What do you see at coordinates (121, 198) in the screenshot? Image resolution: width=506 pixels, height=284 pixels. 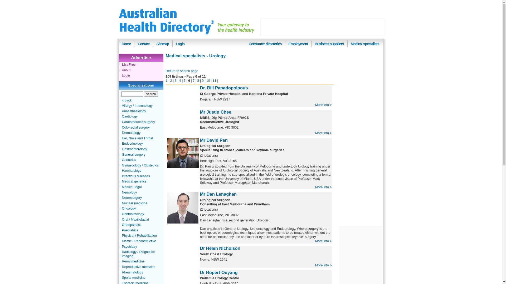 I see `'Neurosurgery'` at bounding box center [121, 198].